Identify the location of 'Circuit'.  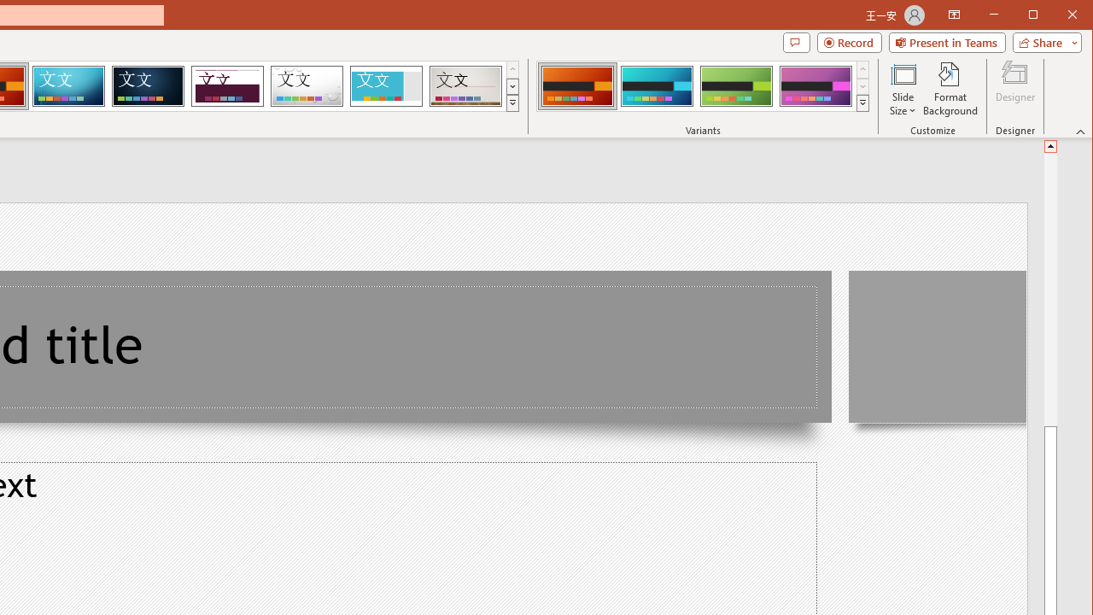
(68, 85).